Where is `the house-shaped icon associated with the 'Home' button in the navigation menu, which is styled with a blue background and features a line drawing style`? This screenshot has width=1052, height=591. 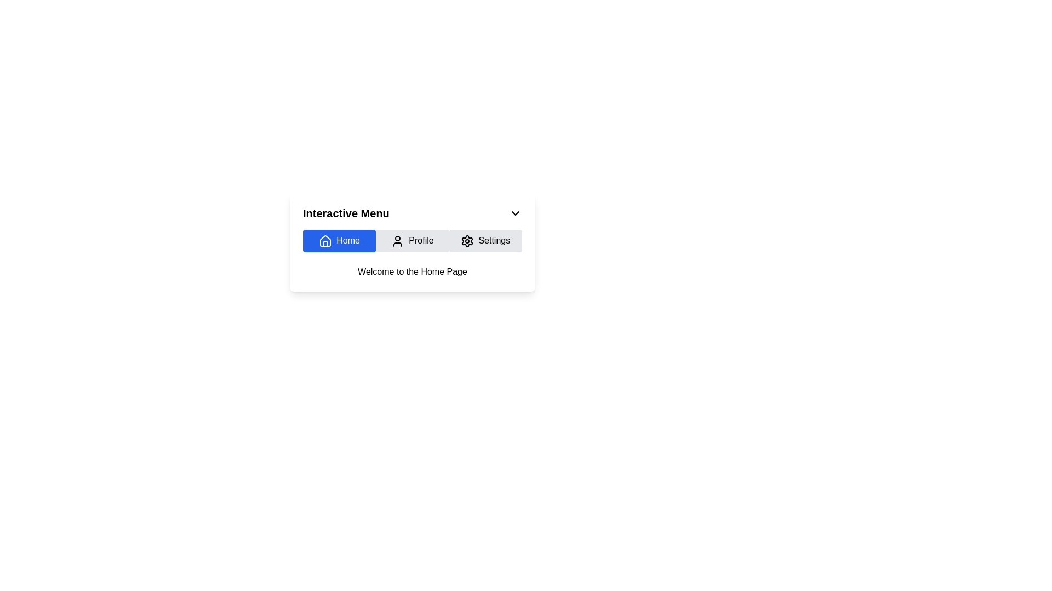
the house-shaped icon associated with the 'Home' button in the navigation menu, which is styled with a blue background and features a line drawing style is located at coordinates (325, 240).